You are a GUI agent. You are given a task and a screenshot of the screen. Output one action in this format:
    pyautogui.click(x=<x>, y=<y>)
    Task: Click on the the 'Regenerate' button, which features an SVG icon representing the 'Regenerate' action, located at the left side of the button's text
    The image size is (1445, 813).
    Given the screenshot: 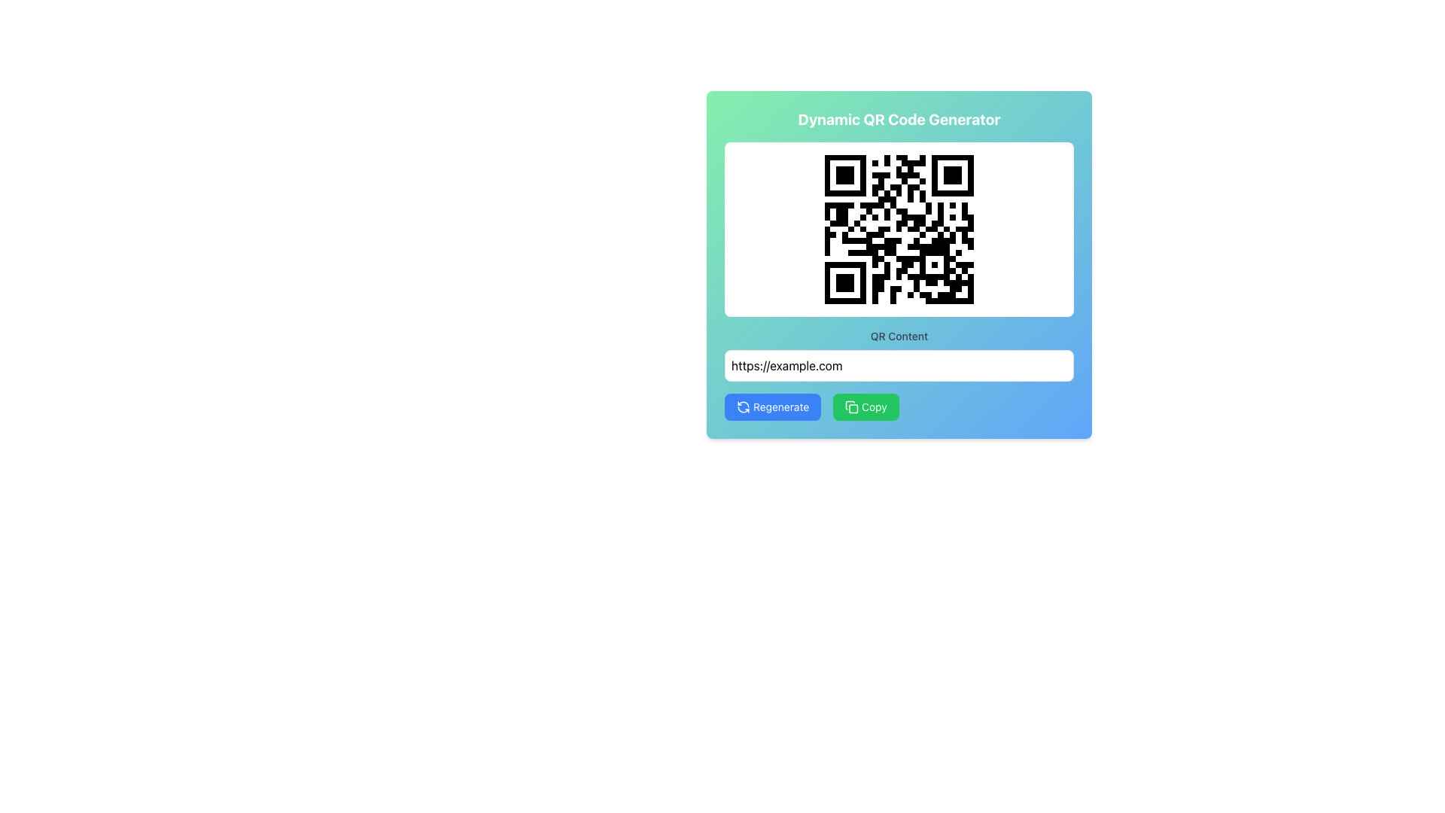 What is the action you would take?
    pyautogui.click(x=744, y=406)
    